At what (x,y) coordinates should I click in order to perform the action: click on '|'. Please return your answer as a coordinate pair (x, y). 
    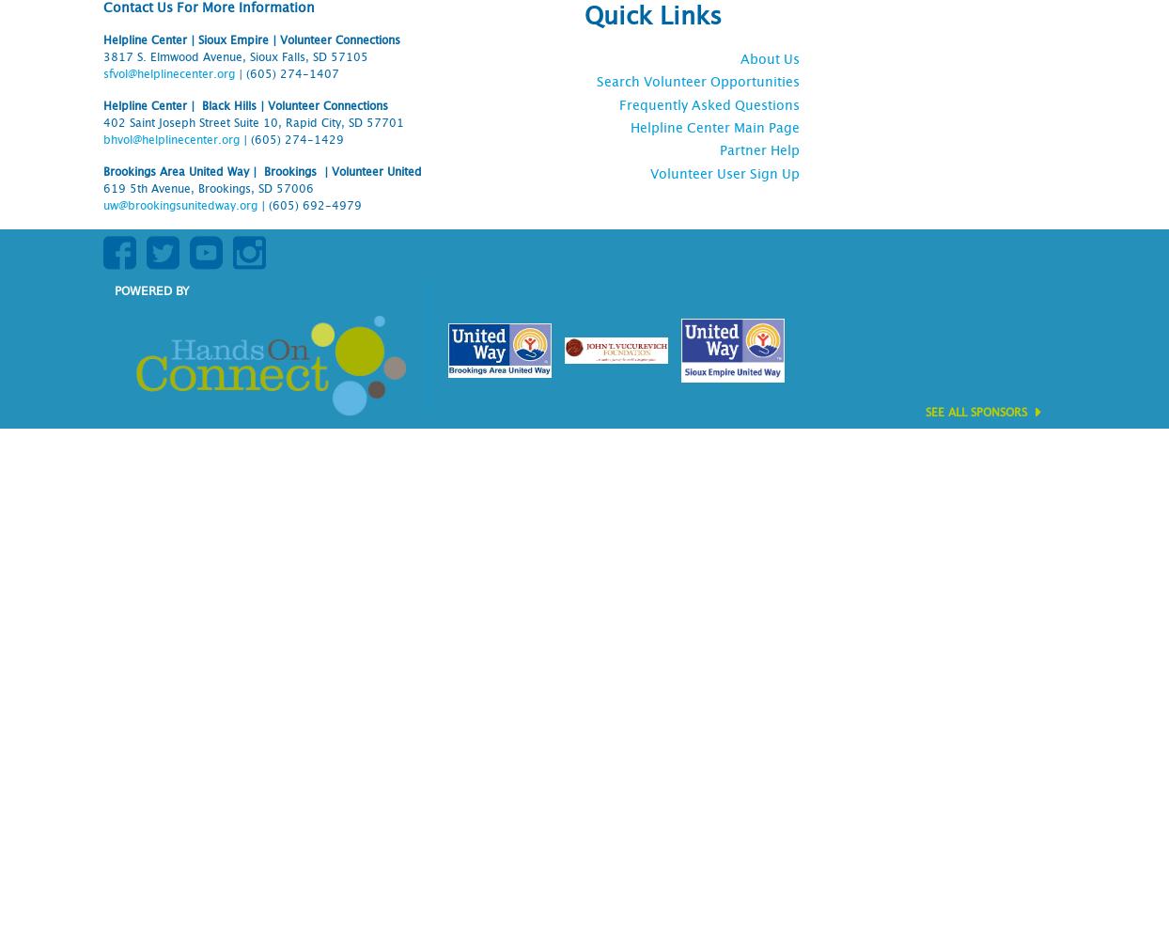
    Looking at the image, I should click on (257, 204).